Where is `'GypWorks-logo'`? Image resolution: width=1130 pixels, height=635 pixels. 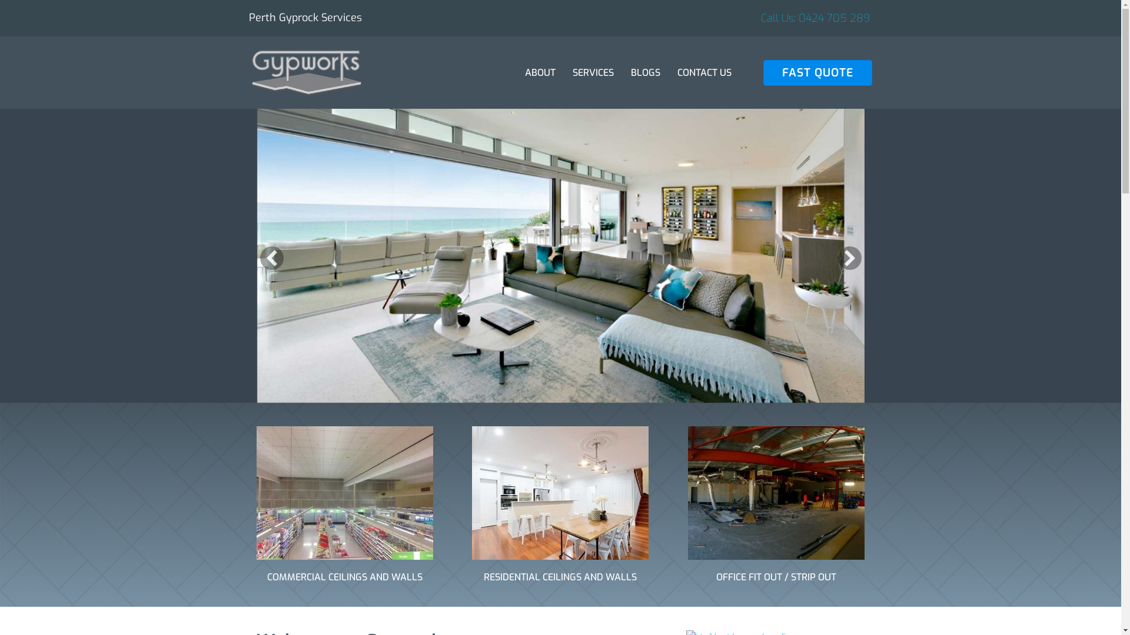
'GypWorks-logo' is located at coordinates (305, 72).